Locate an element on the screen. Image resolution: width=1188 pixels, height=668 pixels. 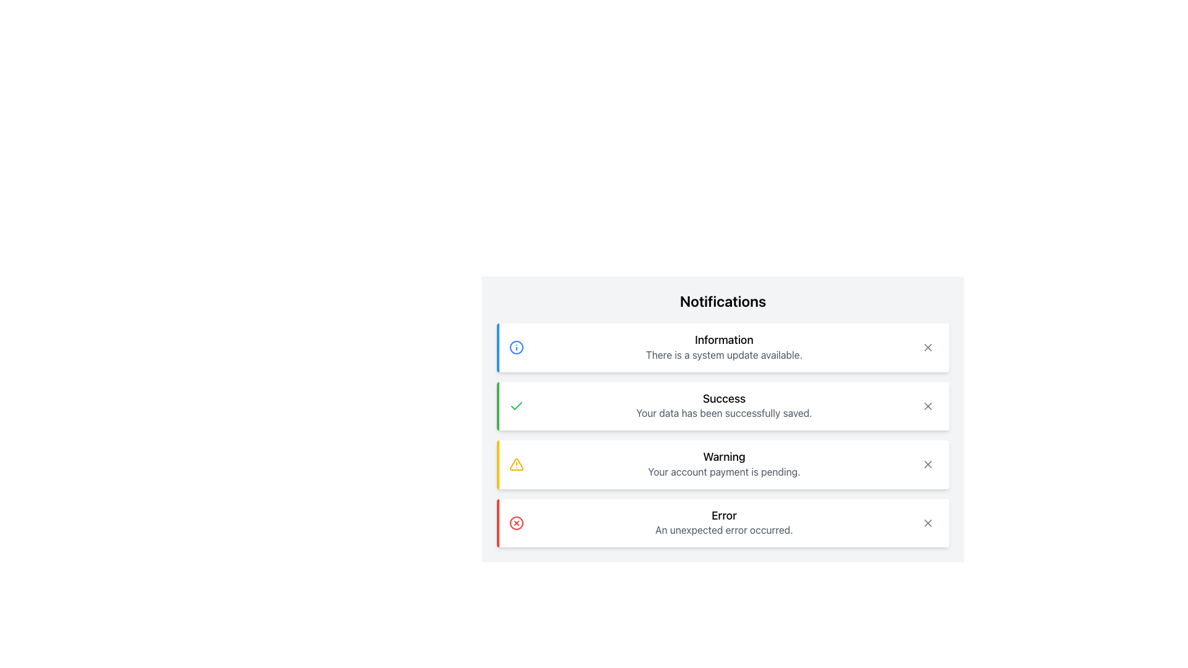
the text label that displays 'Your data has been successfully saved.' which is styled in subdued gray and located below the 'Success' heading in the success notification panel is located at coordinates (724, 413).